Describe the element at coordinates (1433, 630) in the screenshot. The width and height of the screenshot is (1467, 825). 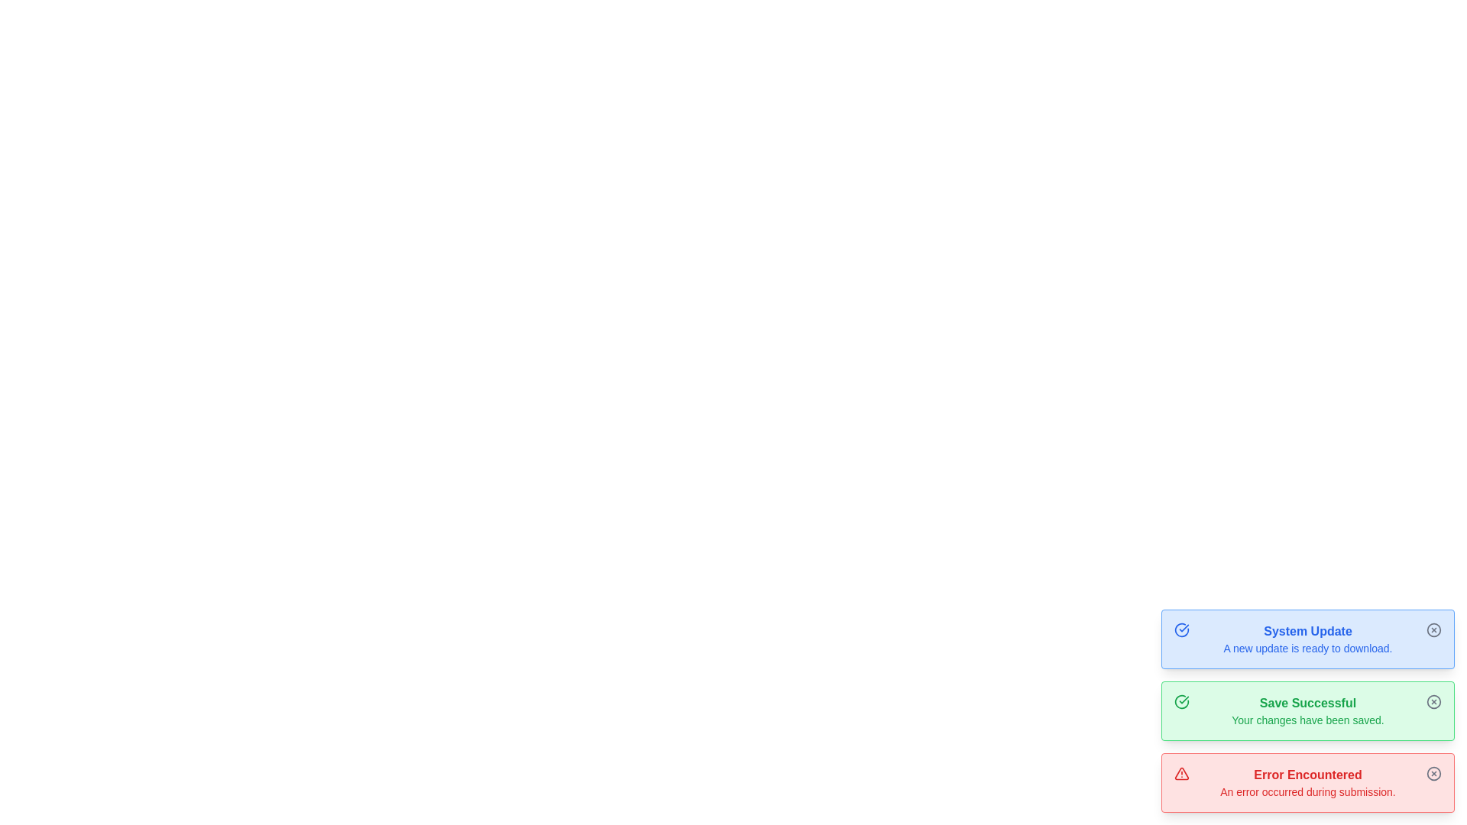
I see `the circular icon that is part of the close button located in the top-right corner of the notification bar` at that location.